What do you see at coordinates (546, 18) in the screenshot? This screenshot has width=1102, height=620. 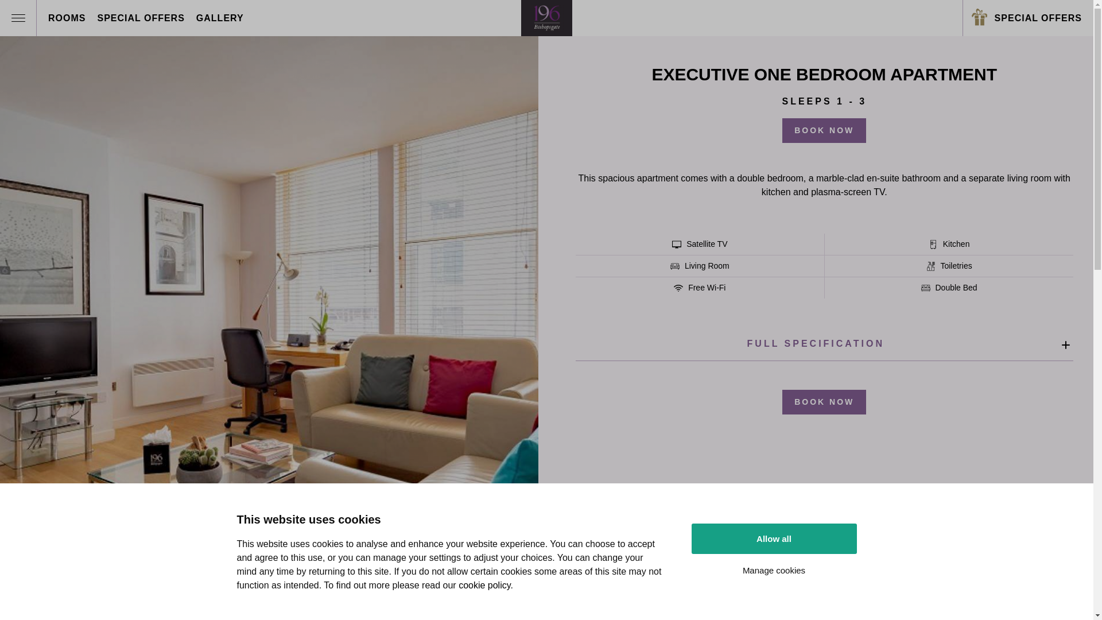 I see `'196 Bishopsgate'` at bounding box center [546, 18].